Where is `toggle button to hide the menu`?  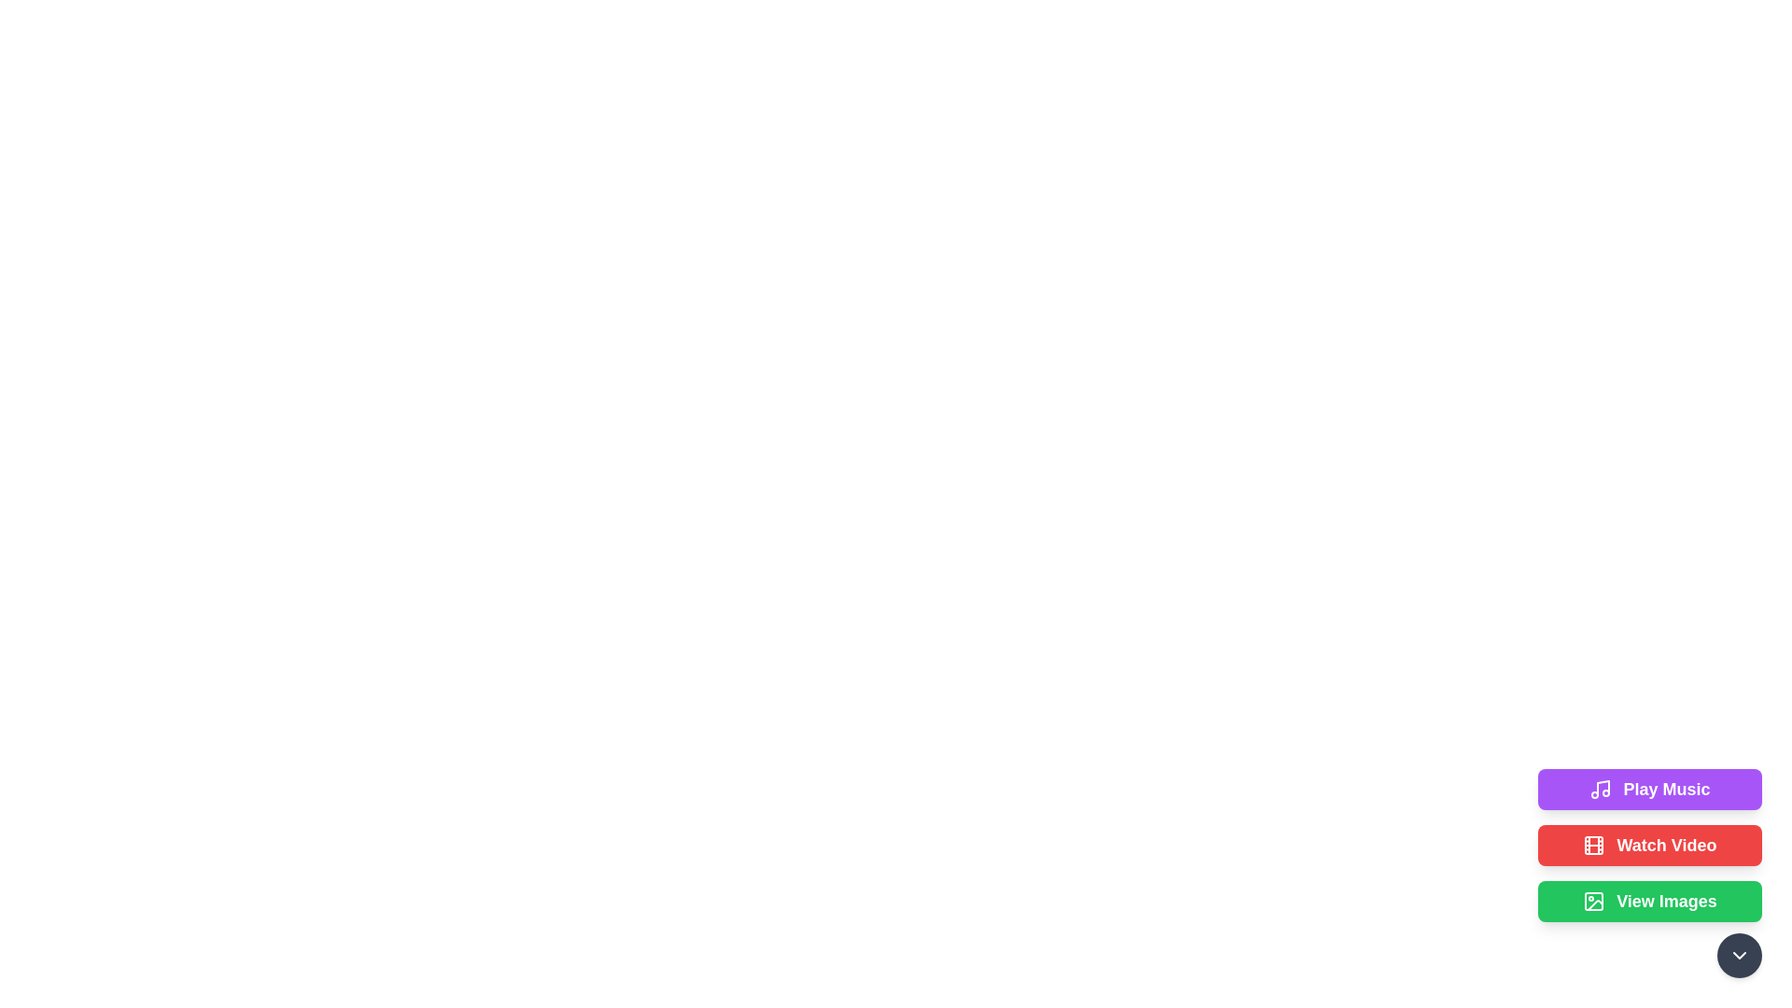
toggle button to hide the menu is located at coordinates (1738, 955).